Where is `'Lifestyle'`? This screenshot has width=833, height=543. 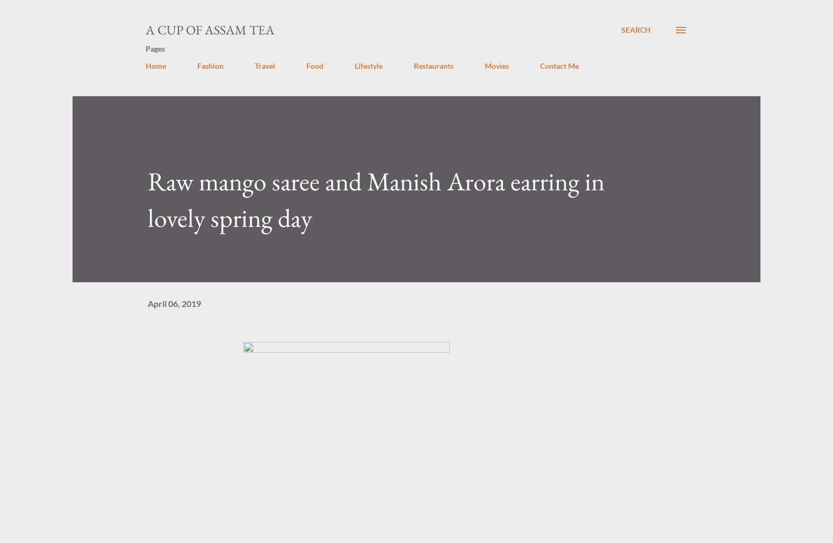 'Lifestyle' is located at coordinates (354, 65).